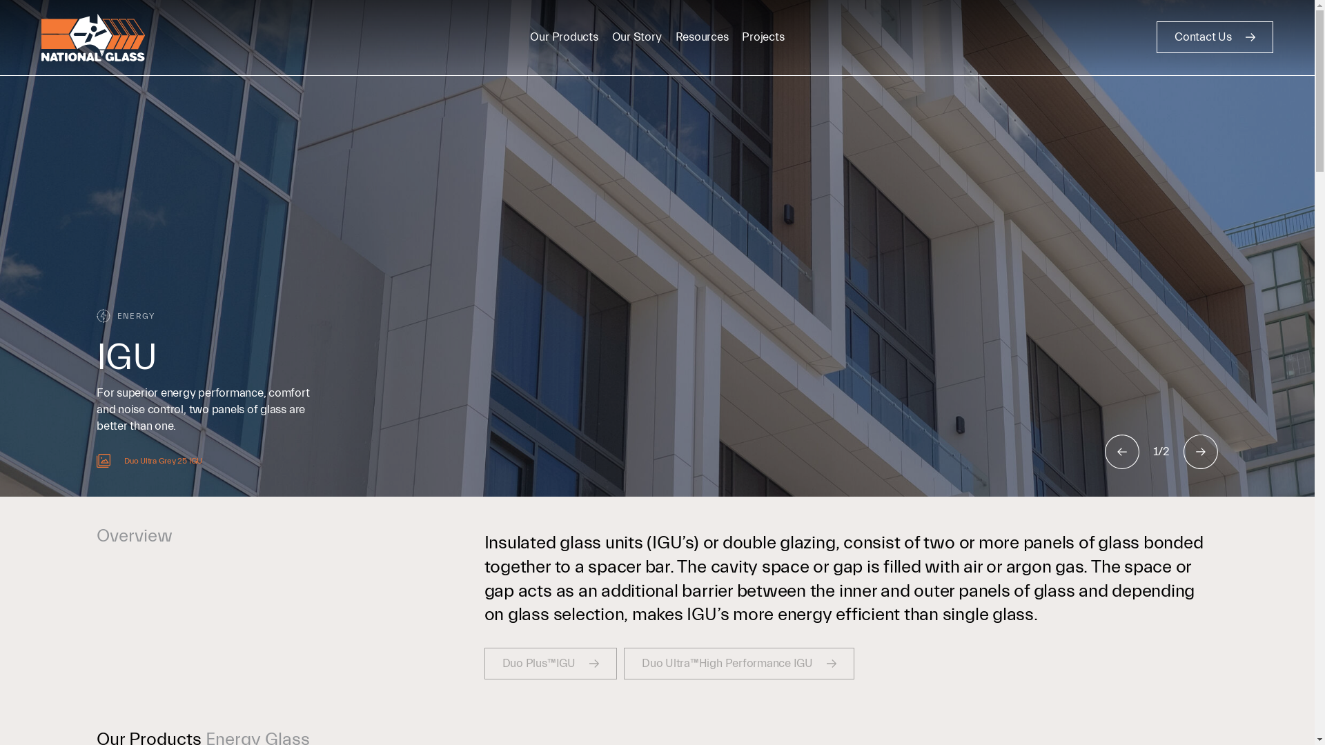  What do you see at coordinates (762, 36) in the screenshot?
I see `'Projects'` at bounding box center [762, 36].